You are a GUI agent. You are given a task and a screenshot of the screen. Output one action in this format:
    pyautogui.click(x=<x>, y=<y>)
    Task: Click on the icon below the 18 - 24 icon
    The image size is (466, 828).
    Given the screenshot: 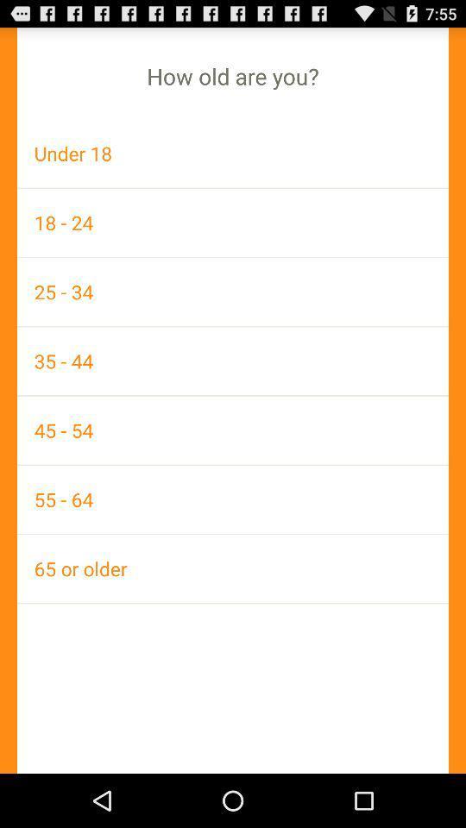 What is the action you would take?
    pyautogui.click(x=233, y=292)
    